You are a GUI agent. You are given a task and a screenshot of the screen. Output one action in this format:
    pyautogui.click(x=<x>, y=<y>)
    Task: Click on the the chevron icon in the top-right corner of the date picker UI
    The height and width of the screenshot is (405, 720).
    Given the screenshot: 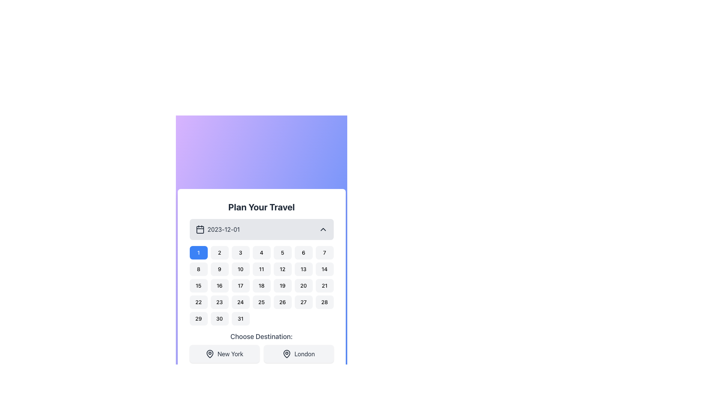 What is the action you would take?
    pyautogui.click(x=323, y=229)
    